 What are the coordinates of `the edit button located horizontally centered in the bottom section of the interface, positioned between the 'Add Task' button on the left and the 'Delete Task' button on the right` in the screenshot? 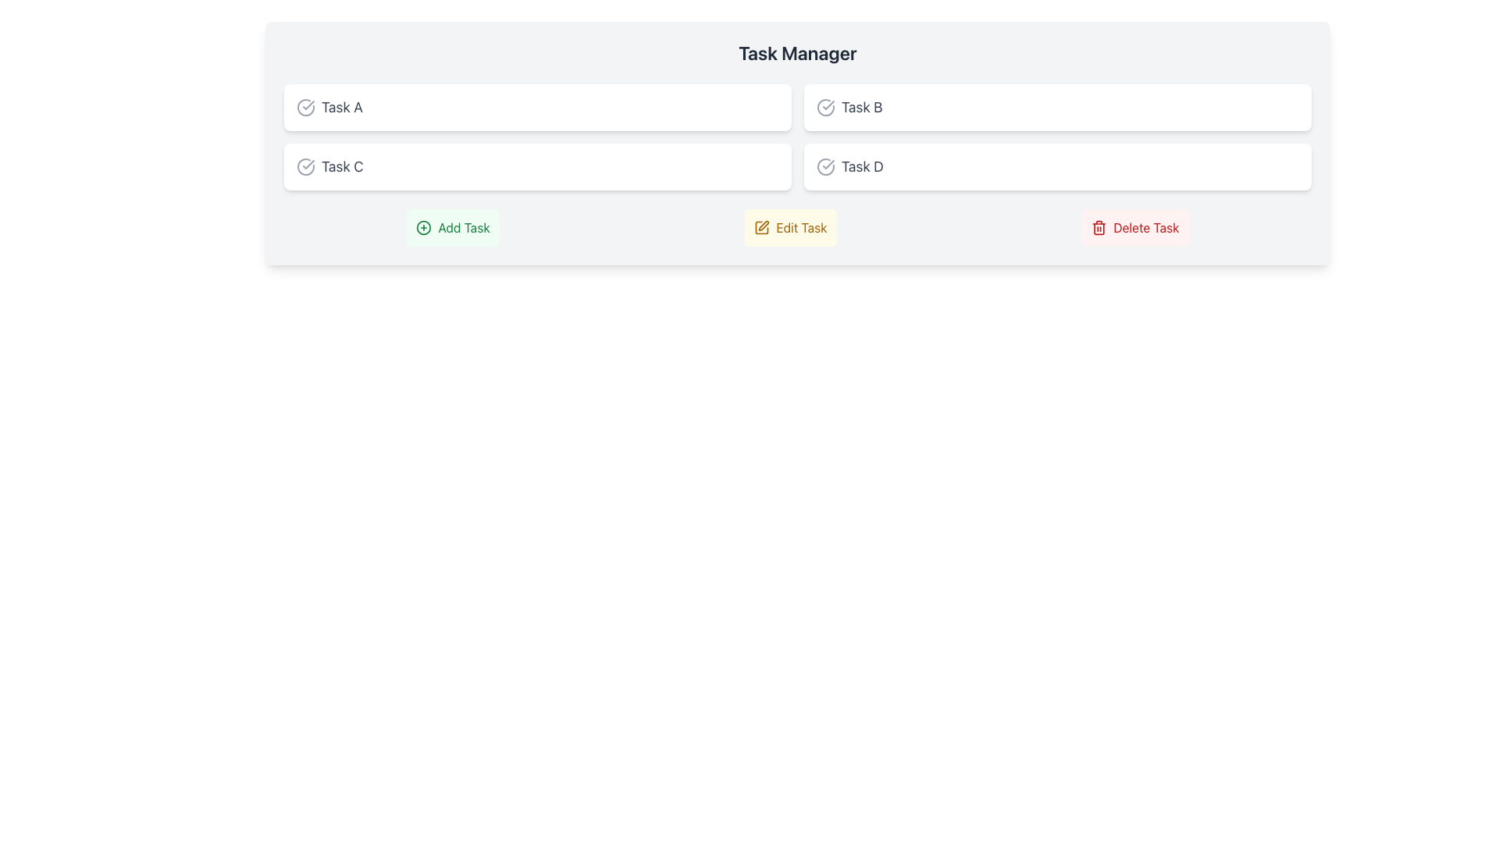 It's located at (790, 228).